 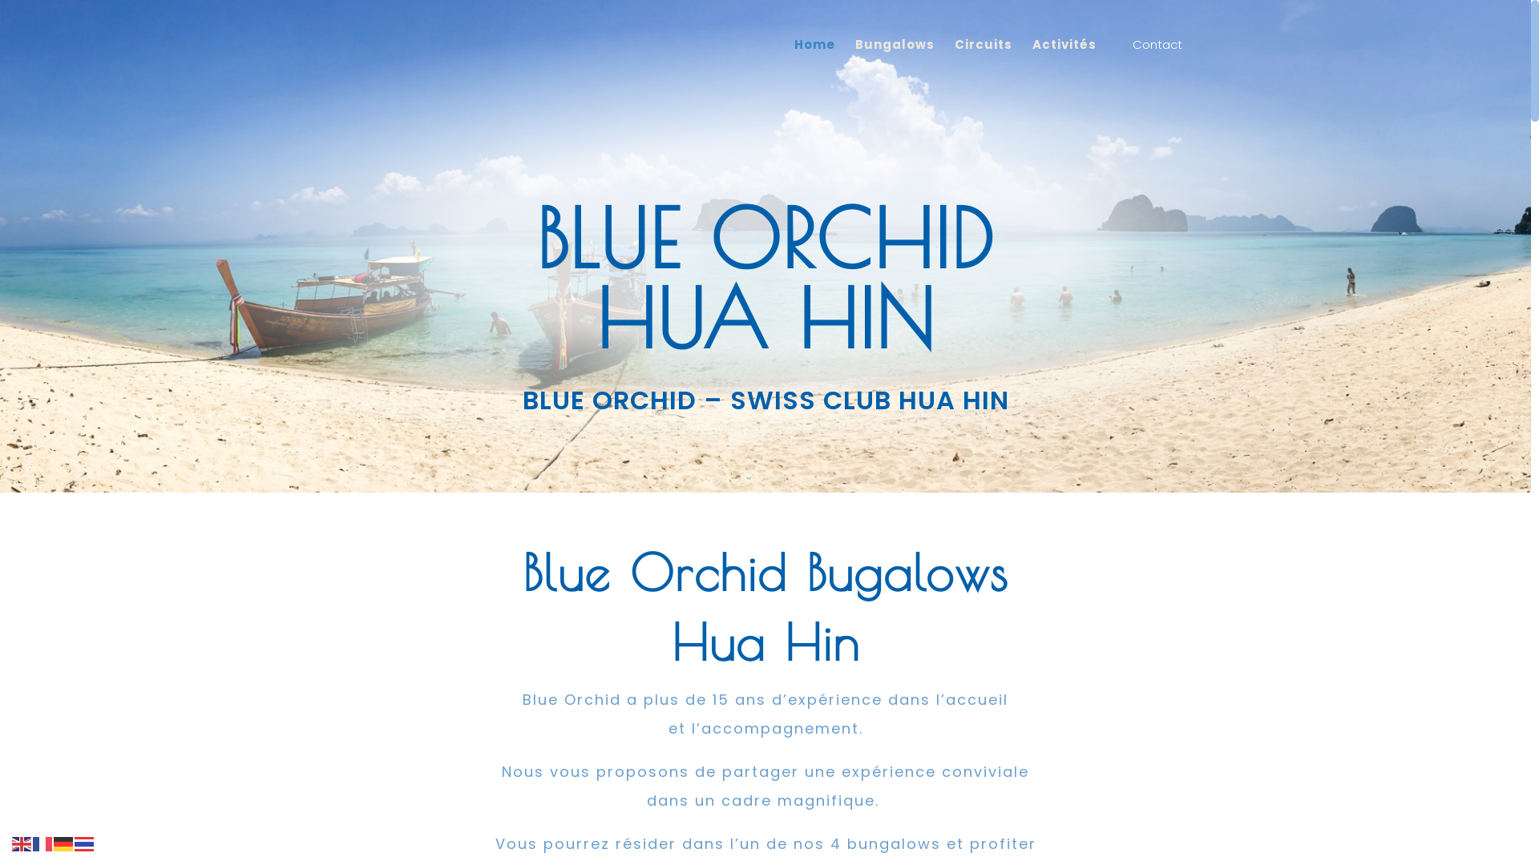 I want to click on 'French', so click(x=33, y=842).